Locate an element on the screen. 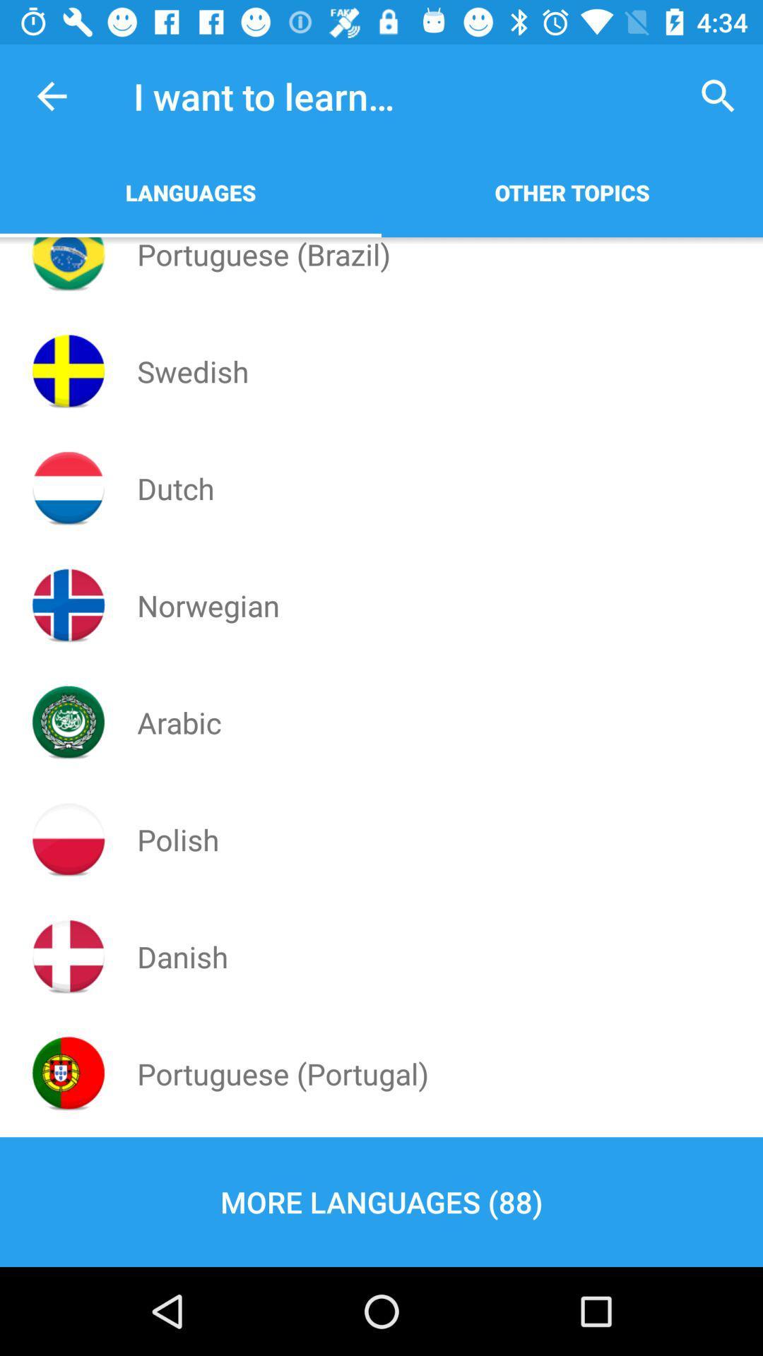 The height and width of the screenshot is (1356, 763). the item to the left of i want to icon is located at coordinates (51, 95).